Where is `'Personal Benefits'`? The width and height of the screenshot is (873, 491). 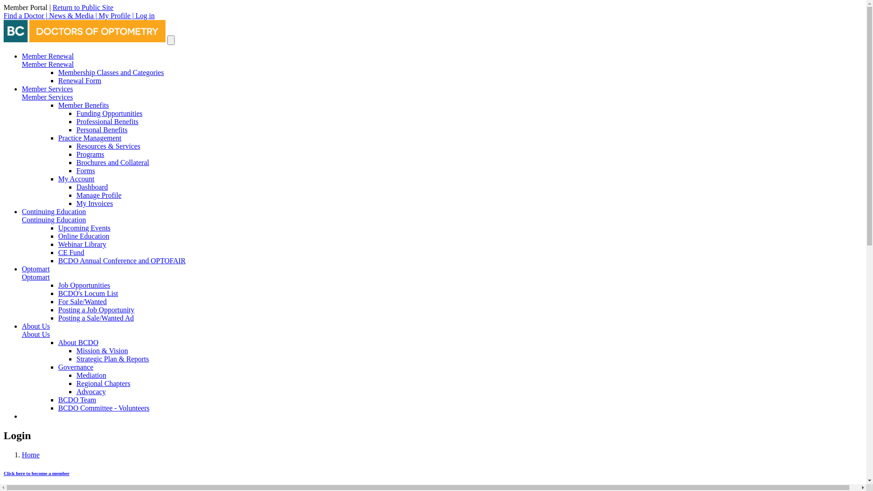 'Personal Benefits' is located at coordinates (102, 130).